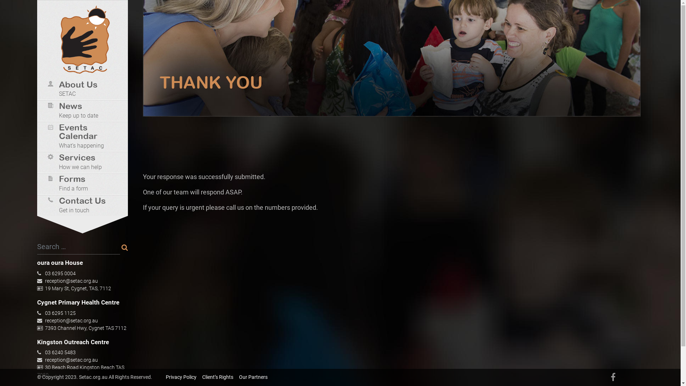 This screenshot has width=686, height=386. What do you see at coordinates (85, 89) in the screenshot?
I see `'About Us` at bounding box center [85, 89].